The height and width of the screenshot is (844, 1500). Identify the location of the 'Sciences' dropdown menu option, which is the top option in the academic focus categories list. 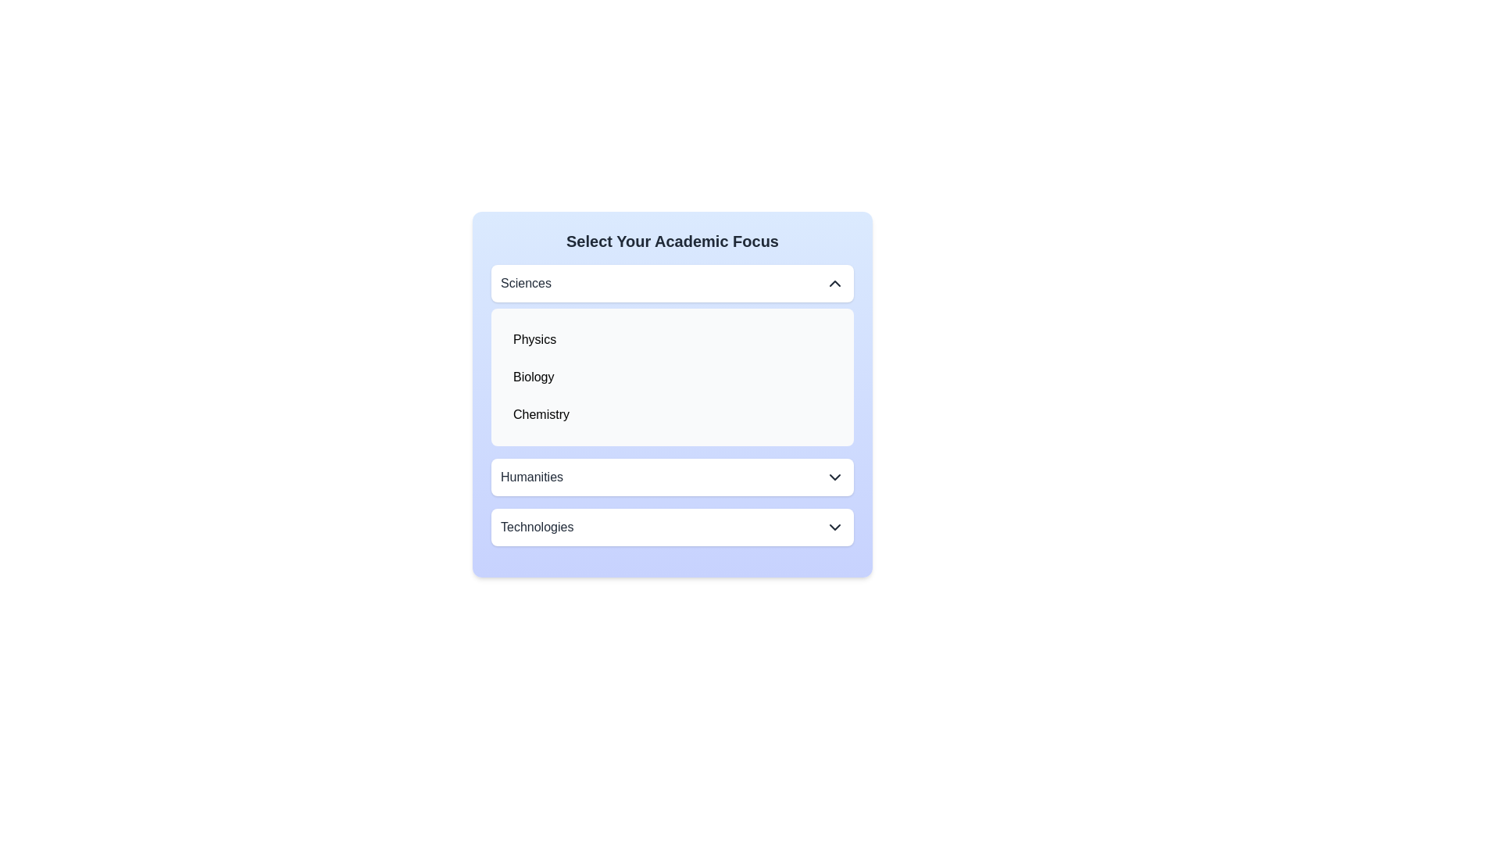
(672, 283).